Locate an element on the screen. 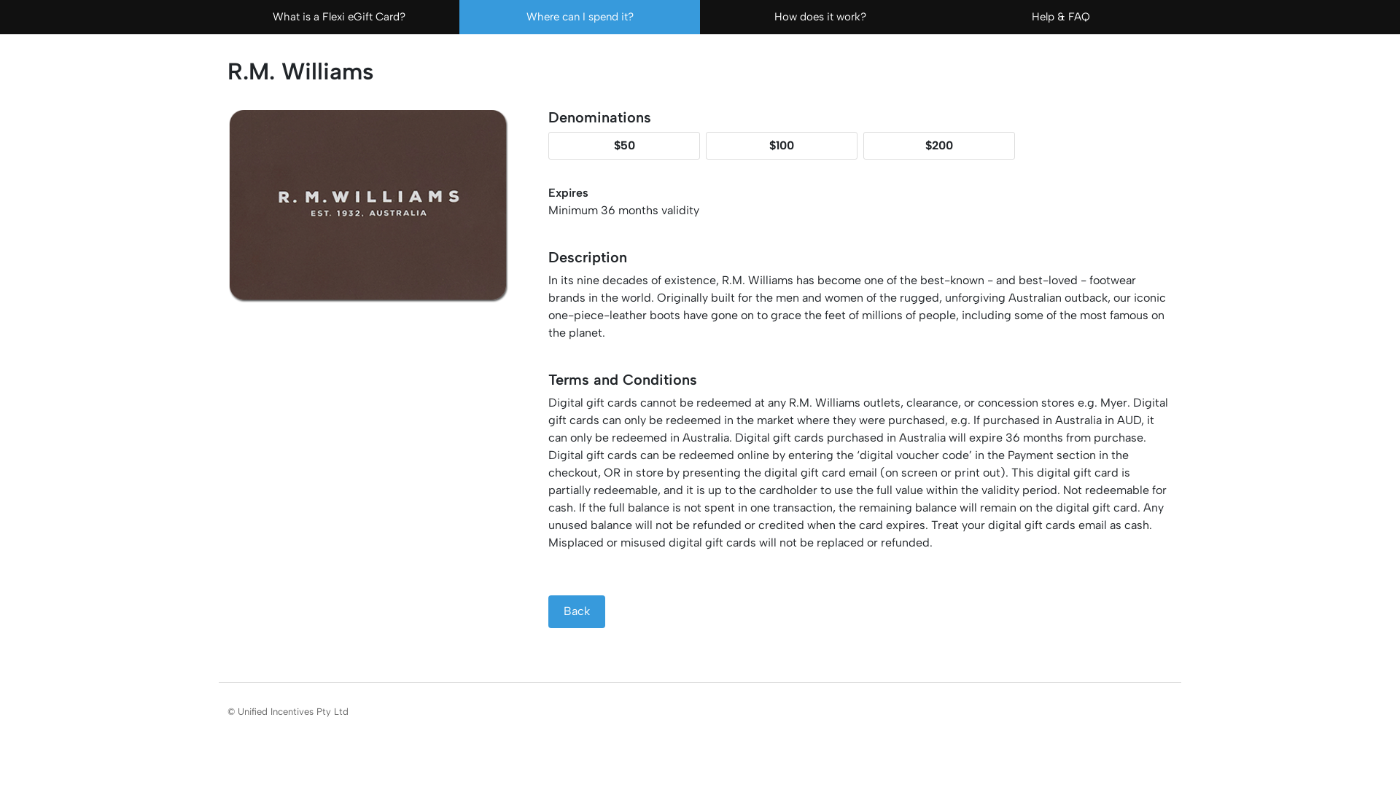  'Help & FAQ' is located at coordinates (1060, 17).